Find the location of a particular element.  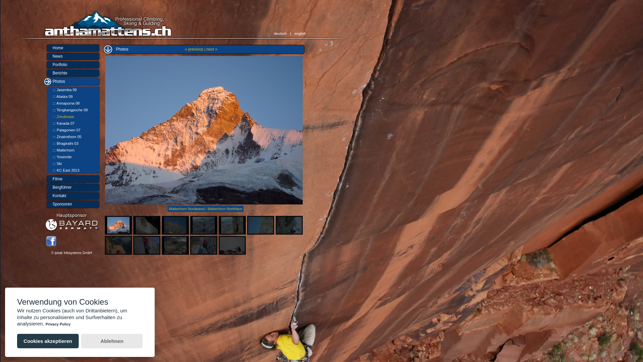

'::: Tengkangpoche 08' is located at coordinates (66, 109).